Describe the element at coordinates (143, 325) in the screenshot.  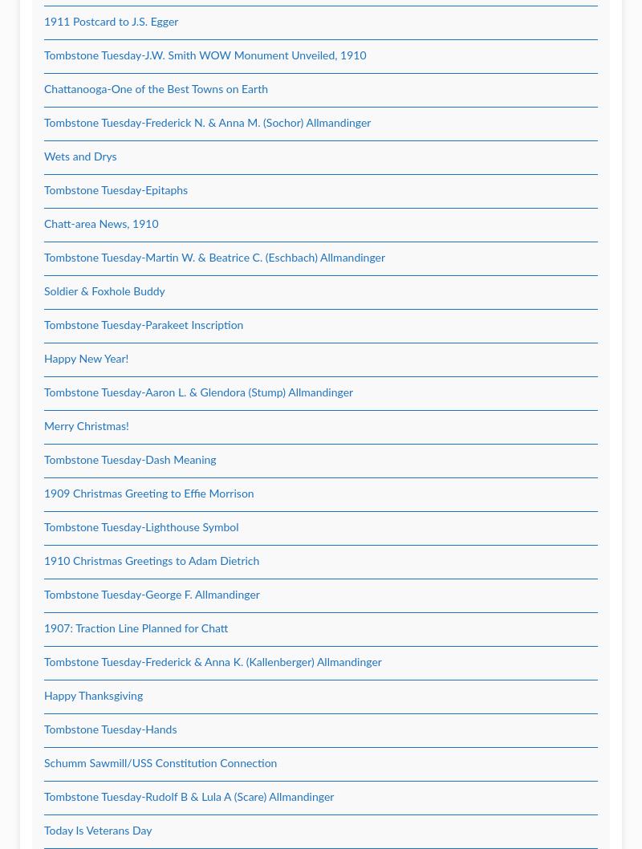
I see `'Tombstone Tuesday-Parakeet Inscription'` at that location.